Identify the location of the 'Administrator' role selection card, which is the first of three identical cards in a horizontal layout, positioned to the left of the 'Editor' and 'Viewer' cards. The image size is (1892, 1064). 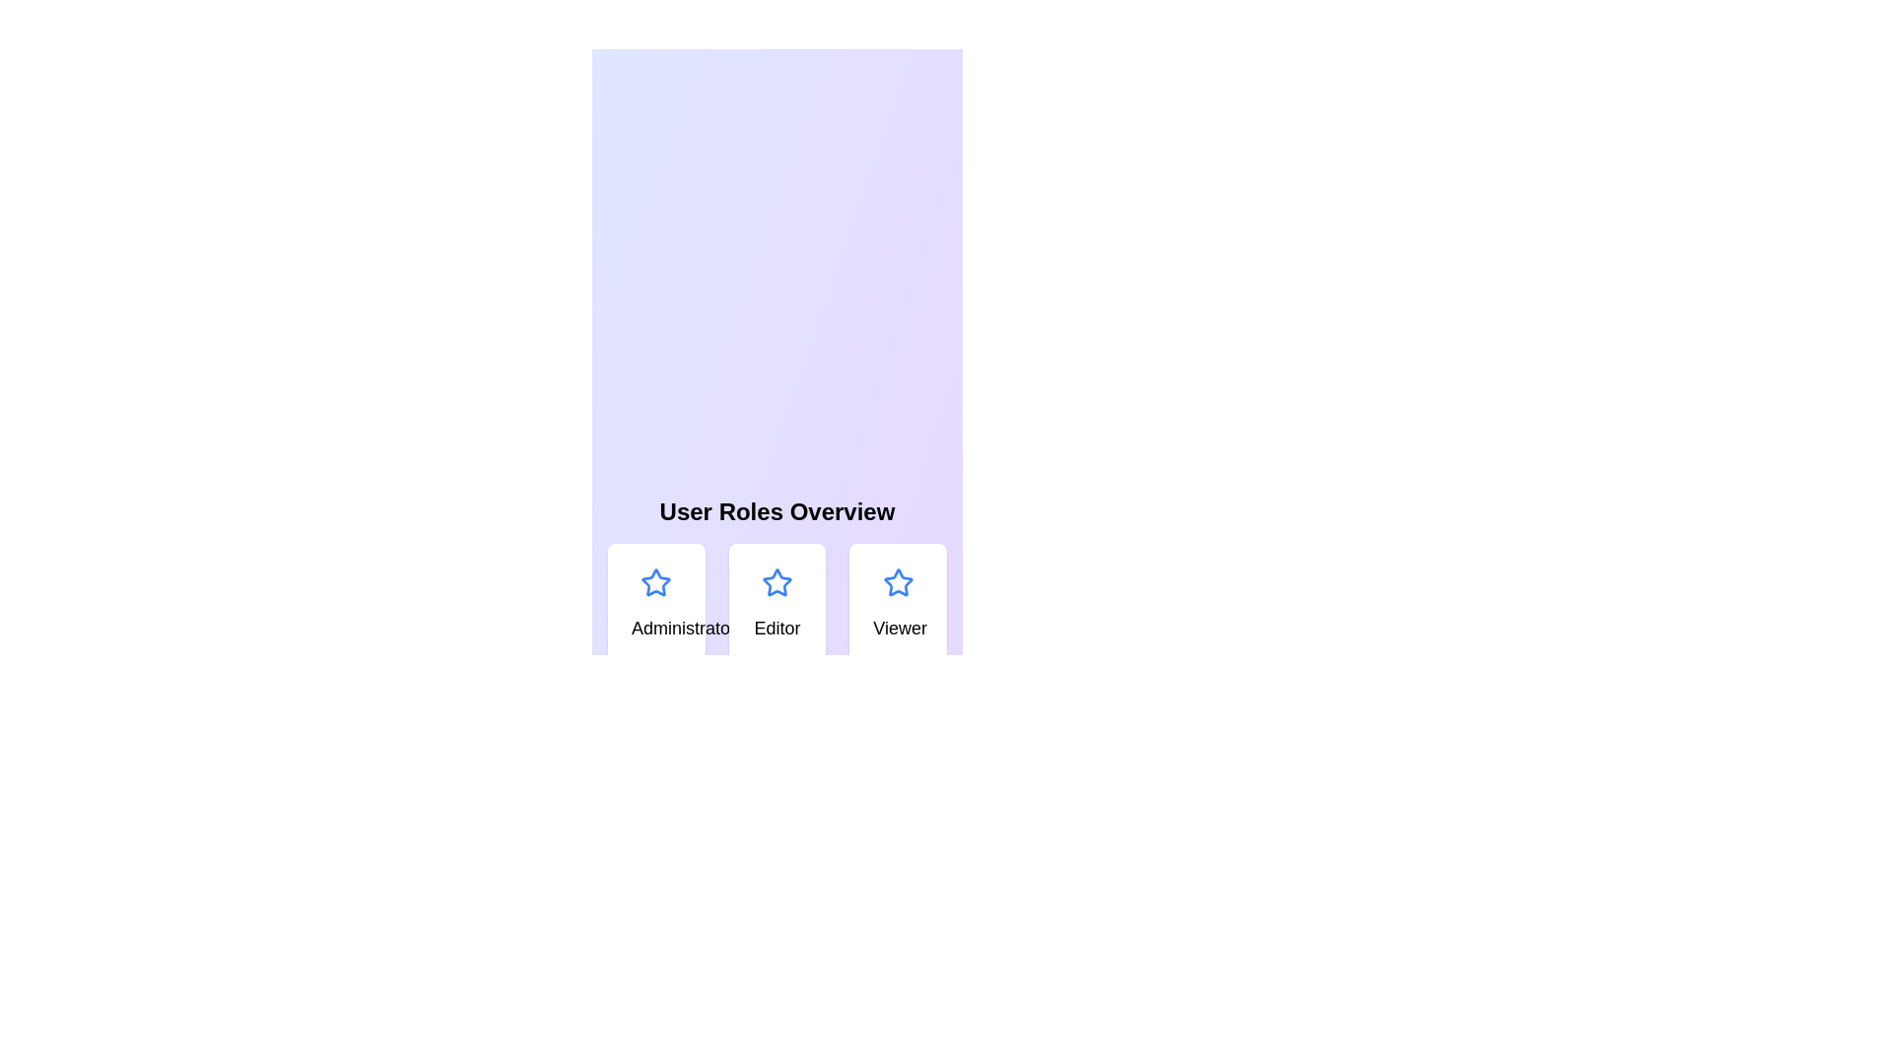
(656, 603).